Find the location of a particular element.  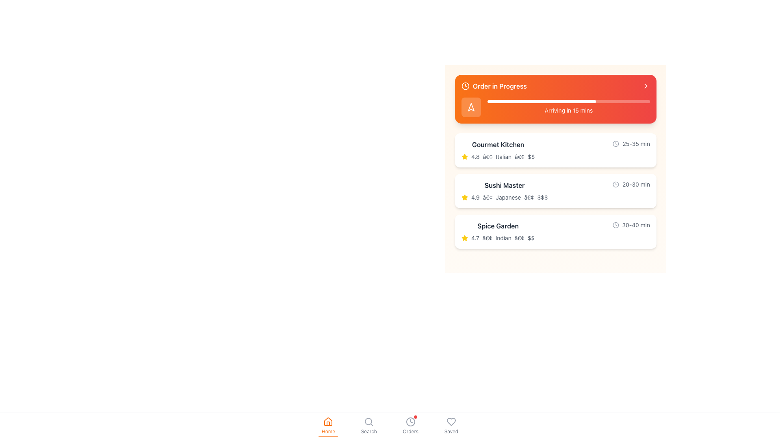

the triangular navigation pointer icon with a white outline on an orange background, located in a rounded rectangle near the 'Order in Progress' text is located at coordinates (471, 106).